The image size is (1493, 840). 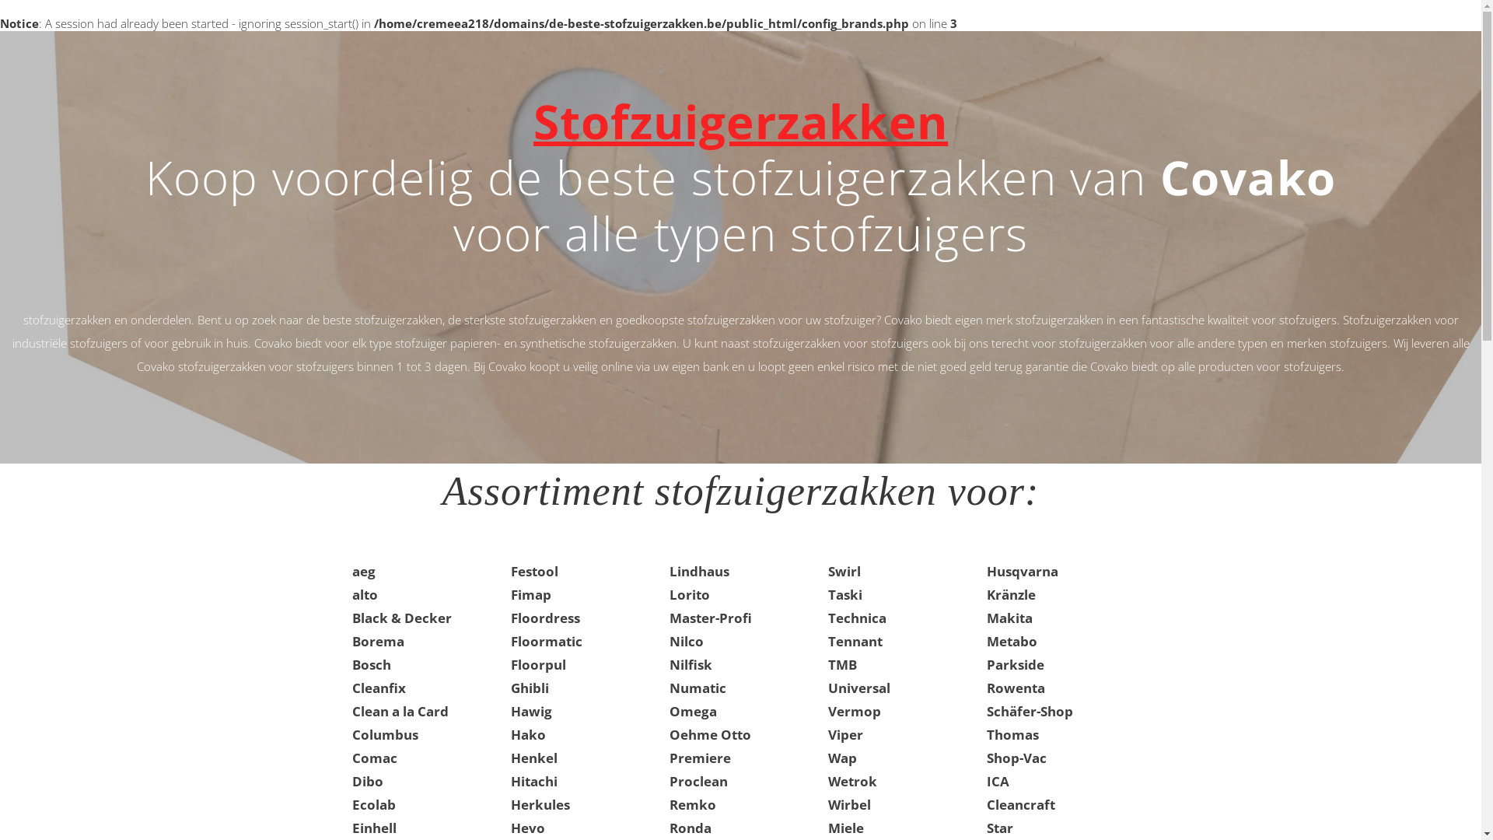 What do you see at coordinates (698, 757) in the screenshot?
I see `'Premiere'` at bounding box center [698, 757].